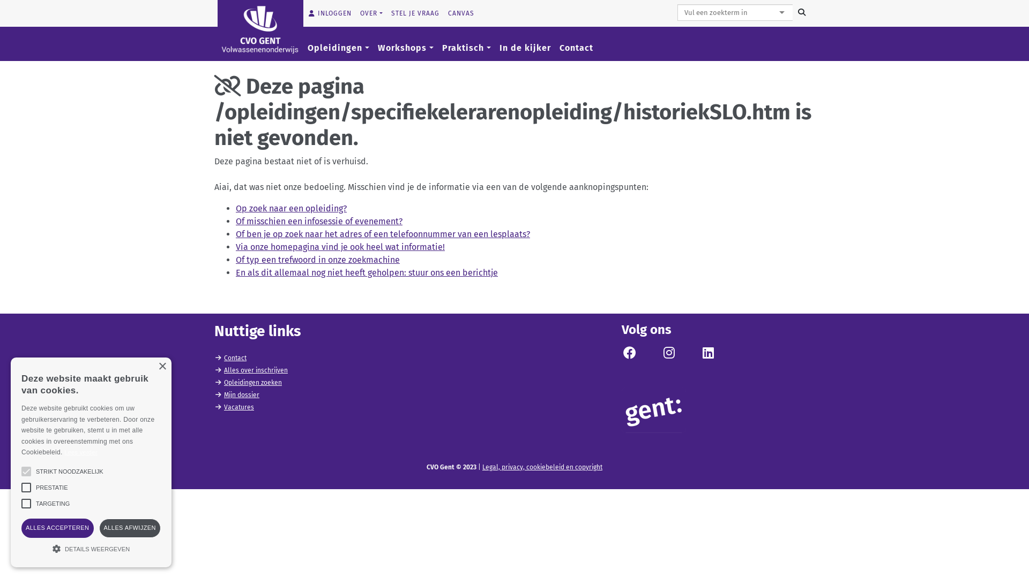 This screenshot has height=578, width=1029. I want to click on 'Praktisch', so click(466, 47).